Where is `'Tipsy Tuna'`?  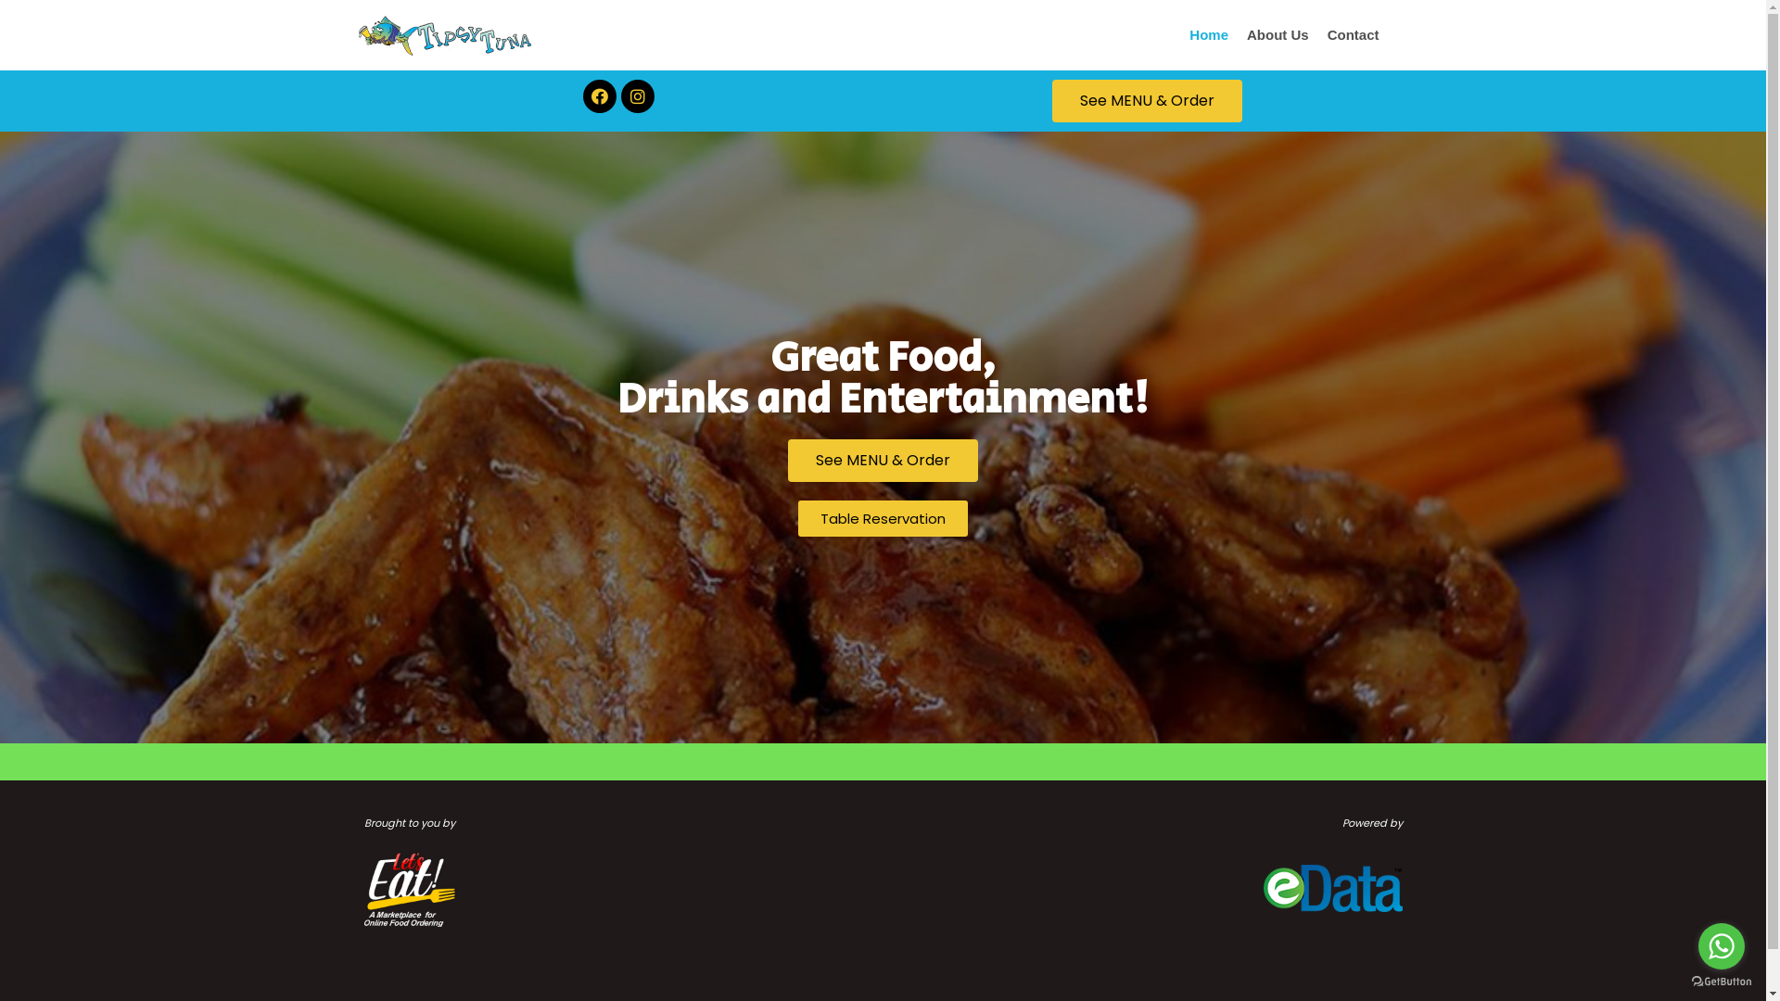 'Tipsy Tuna' is located at coordinates (354, 35).